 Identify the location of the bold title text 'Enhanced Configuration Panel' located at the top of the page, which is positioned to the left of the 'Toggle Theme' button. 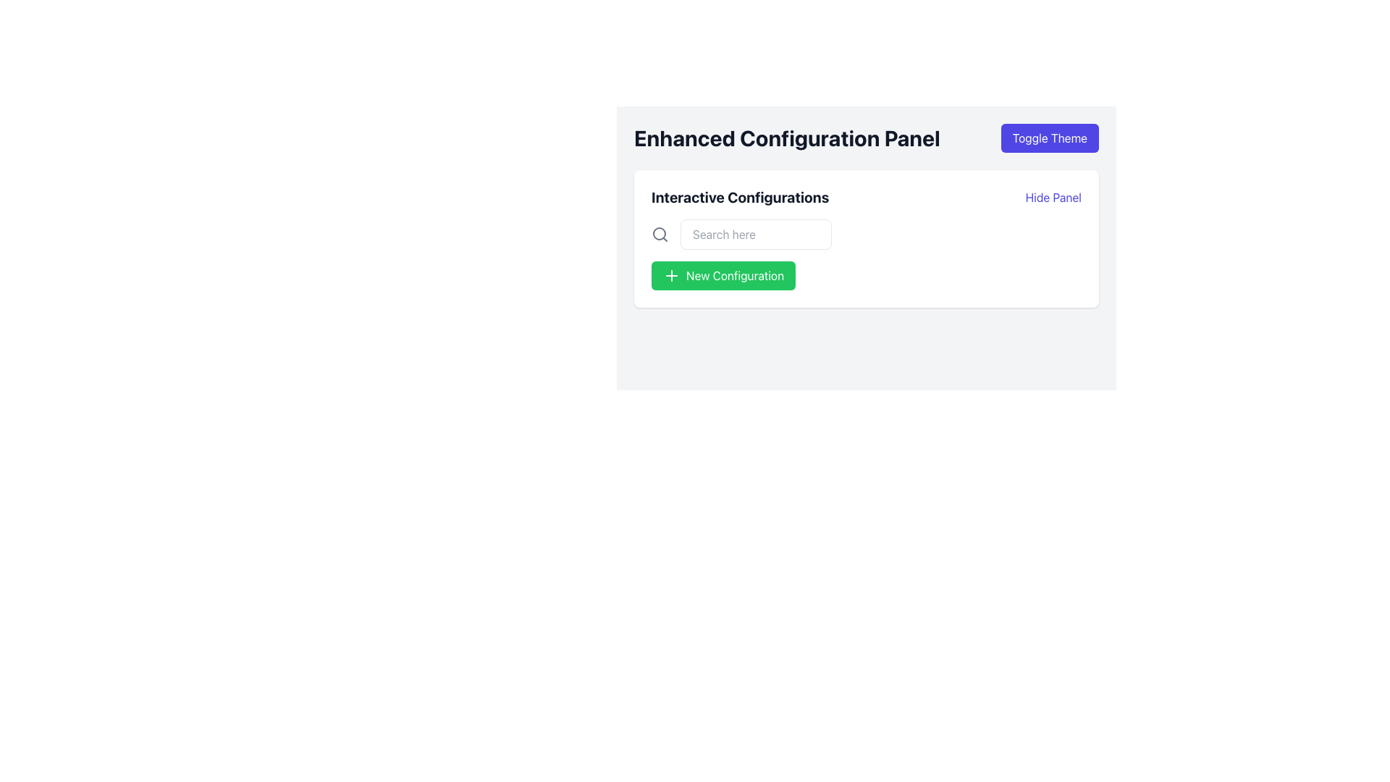
(786, 138).